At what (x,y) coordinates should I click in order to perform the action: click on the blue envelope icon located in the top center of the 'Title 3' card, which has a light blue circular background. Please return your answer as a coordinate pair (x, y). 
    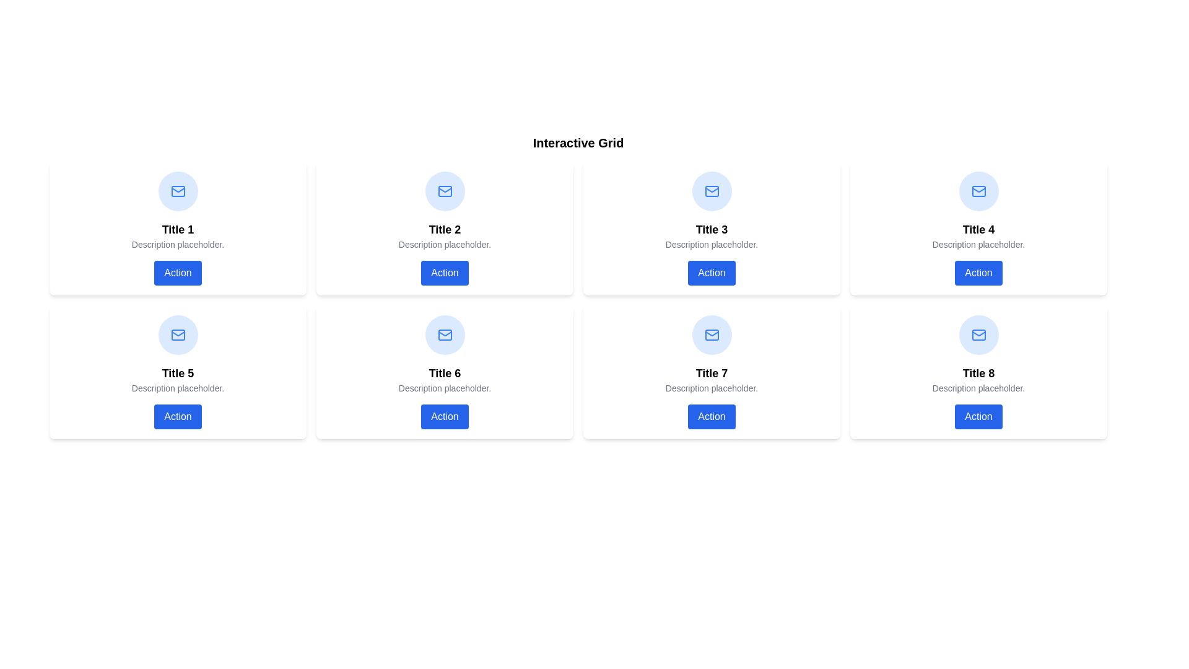
    Looking at the image, I should click on (712, 191).